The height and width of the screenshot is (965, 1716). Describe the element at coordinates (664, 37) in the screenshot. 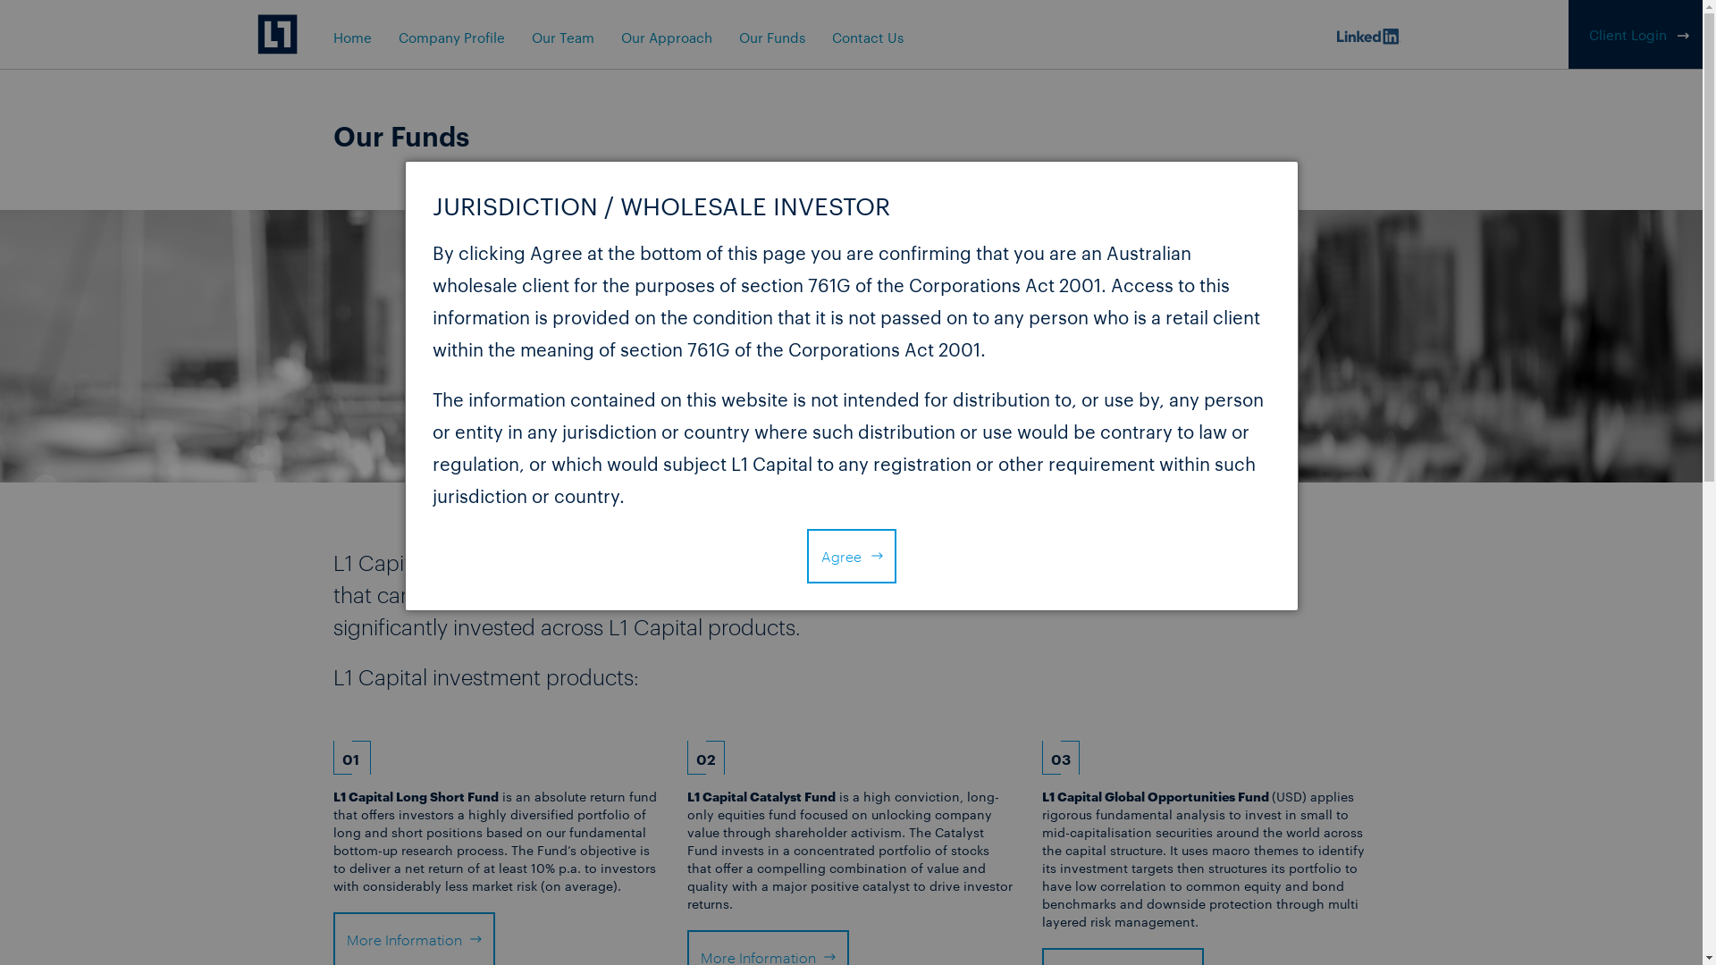

I see `'Our Approach'` at that location.